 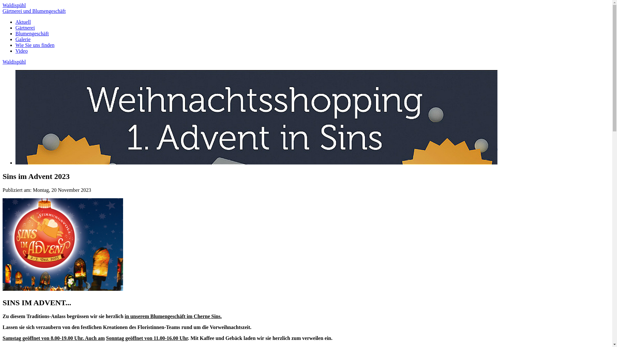 What do you see at coordinates (35, 45) in the screenshot?
I see `'Wie Sie uns finden'` at bounding box center [35, 45].